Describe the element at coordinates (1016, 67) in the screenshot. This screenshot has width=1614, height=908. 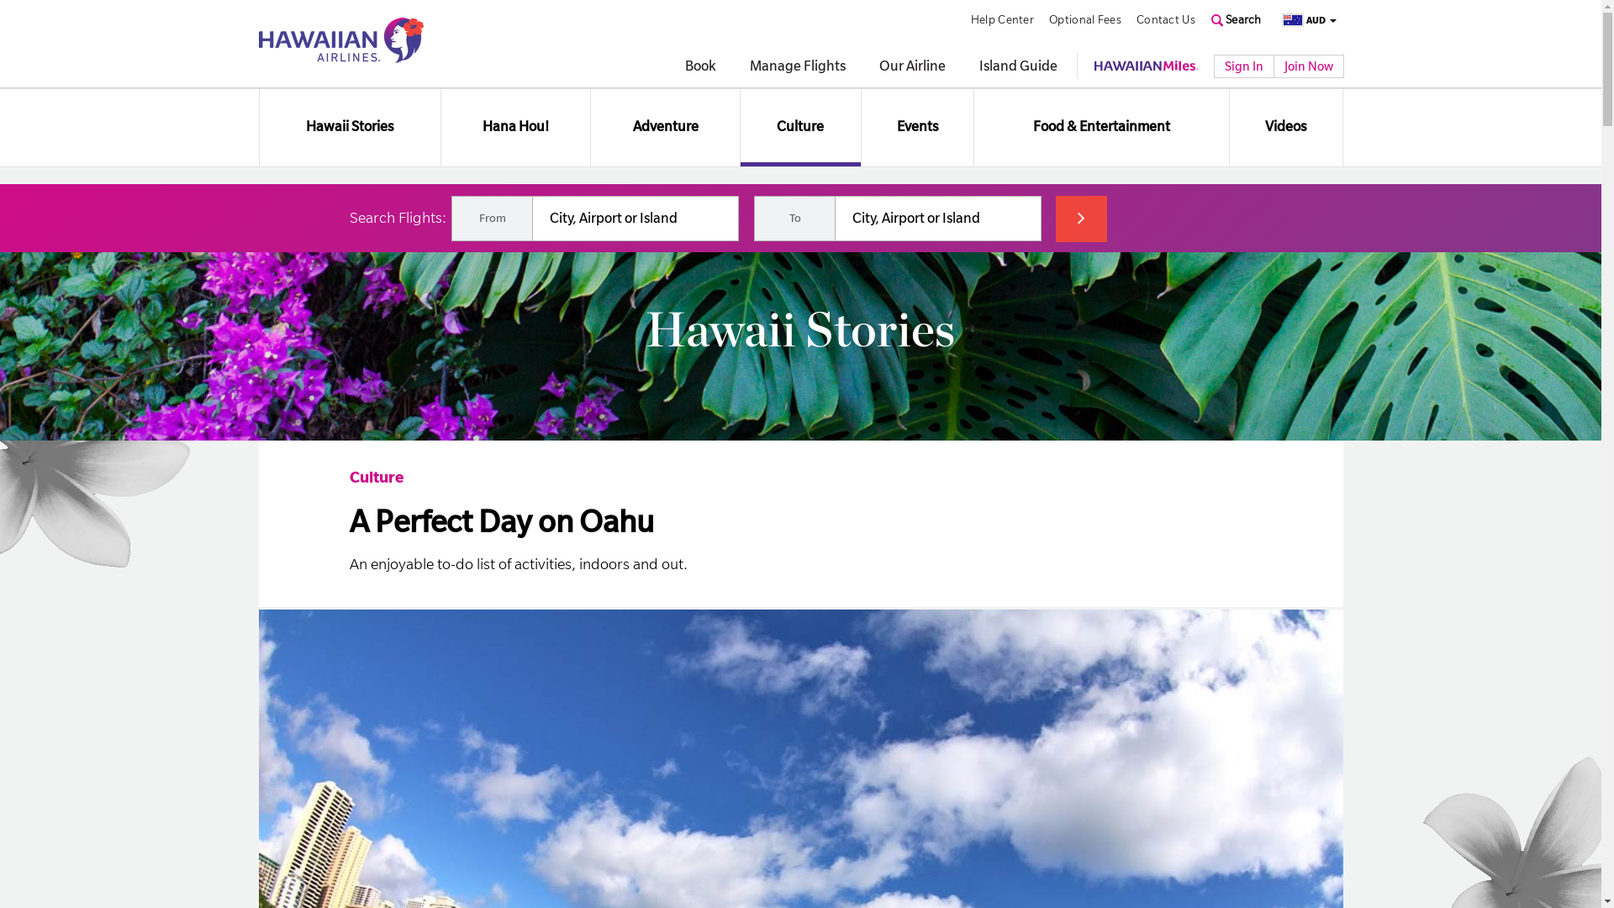
I see `'Island Guide'` at that location.